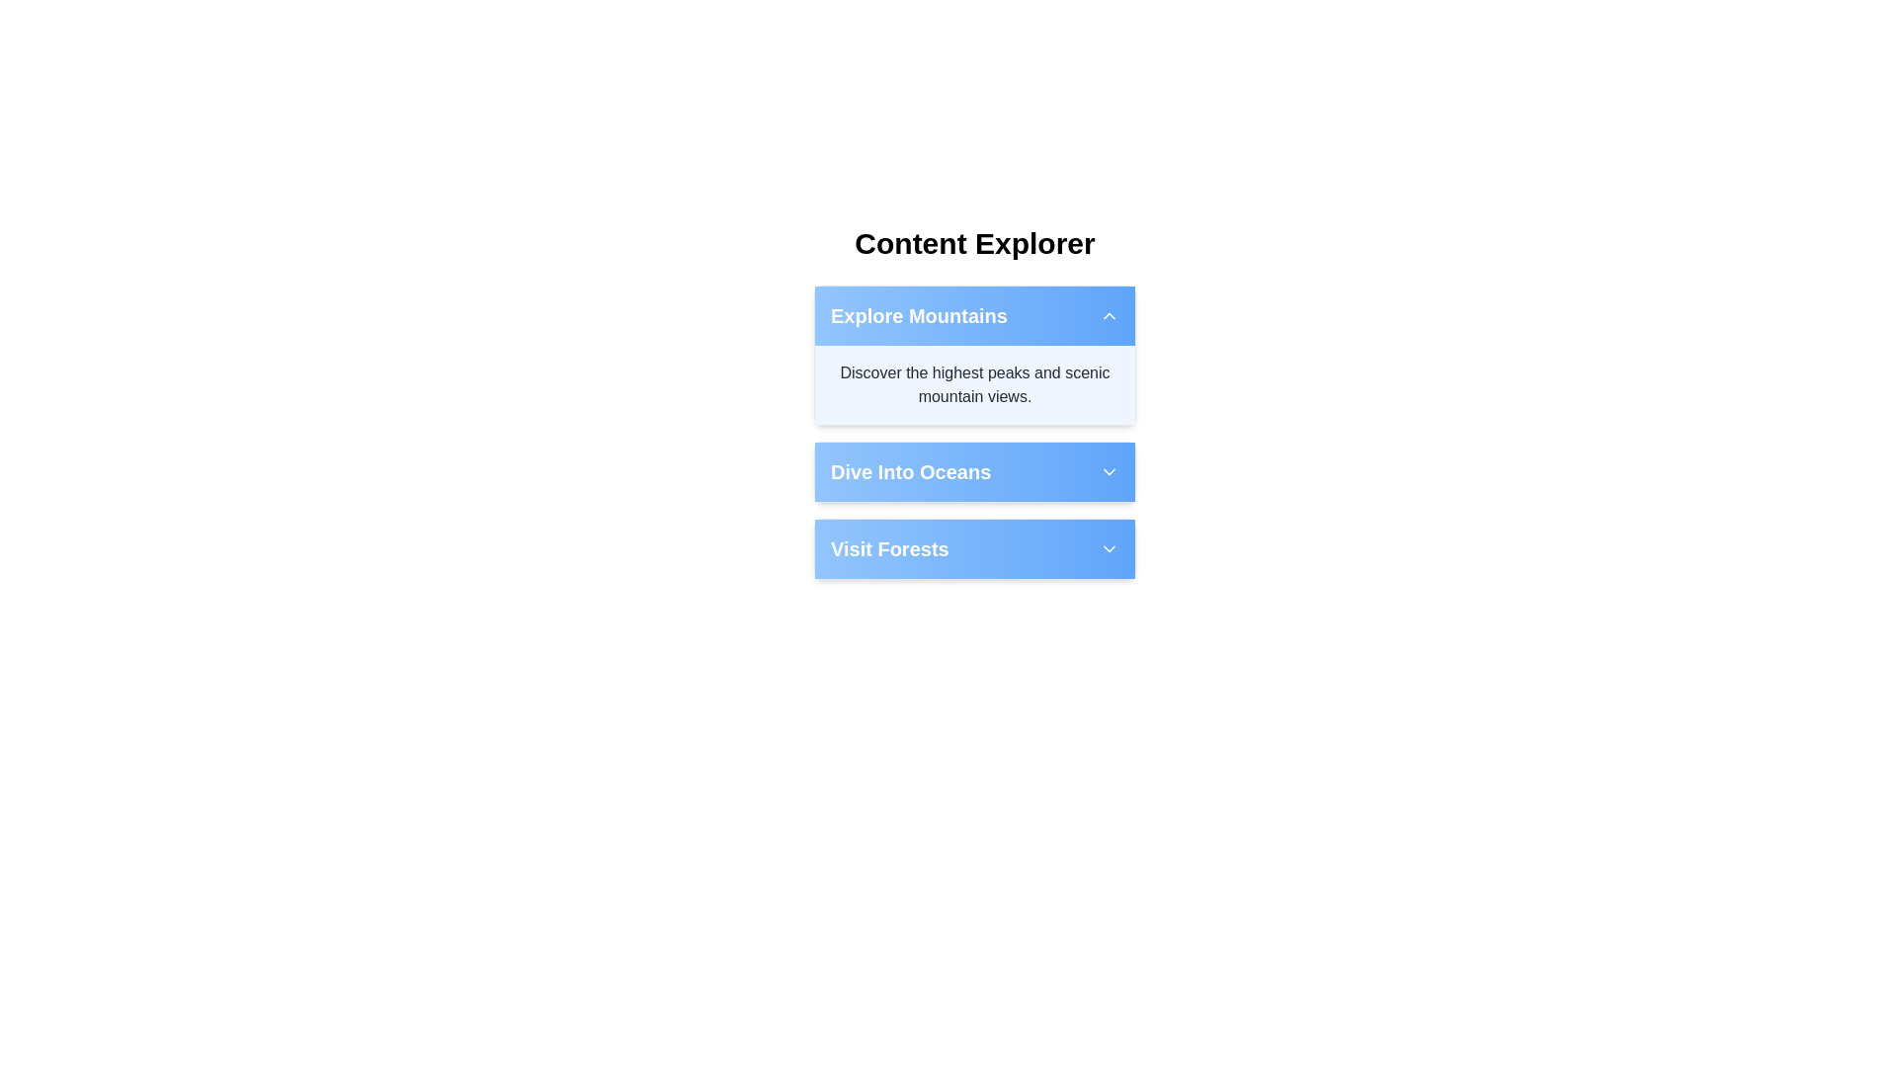 This screenshot has width=1897, height=1067. Describe the element at coordinates (975, 472) in the screenshot. I see `the 'Dive Into Oceans' button, which is a horizontally oriented rectangular button with a gradient background and bold white text aligned to the left` at that location.